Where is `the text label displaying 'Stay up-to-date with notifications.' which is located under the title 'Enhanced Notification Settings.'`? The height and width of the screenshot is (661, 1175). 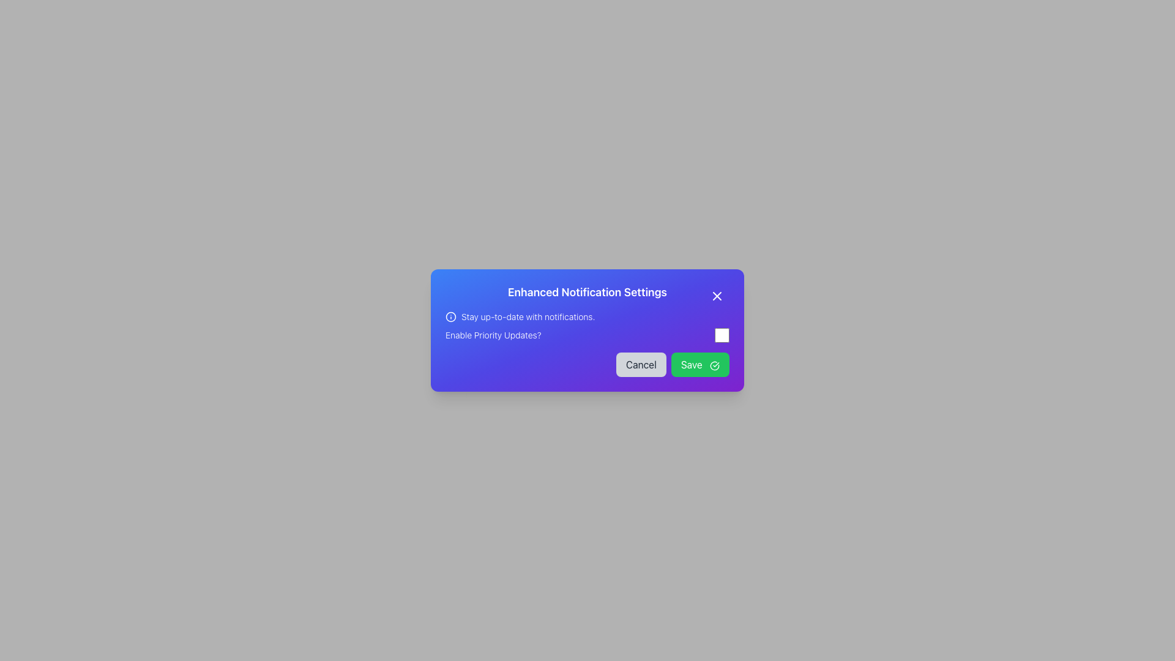 the text label displaying 'Stay up-to-date with notifications.' which is located under the title 'Enhanced Notification Settings.' is located at coordinates (528, 316).